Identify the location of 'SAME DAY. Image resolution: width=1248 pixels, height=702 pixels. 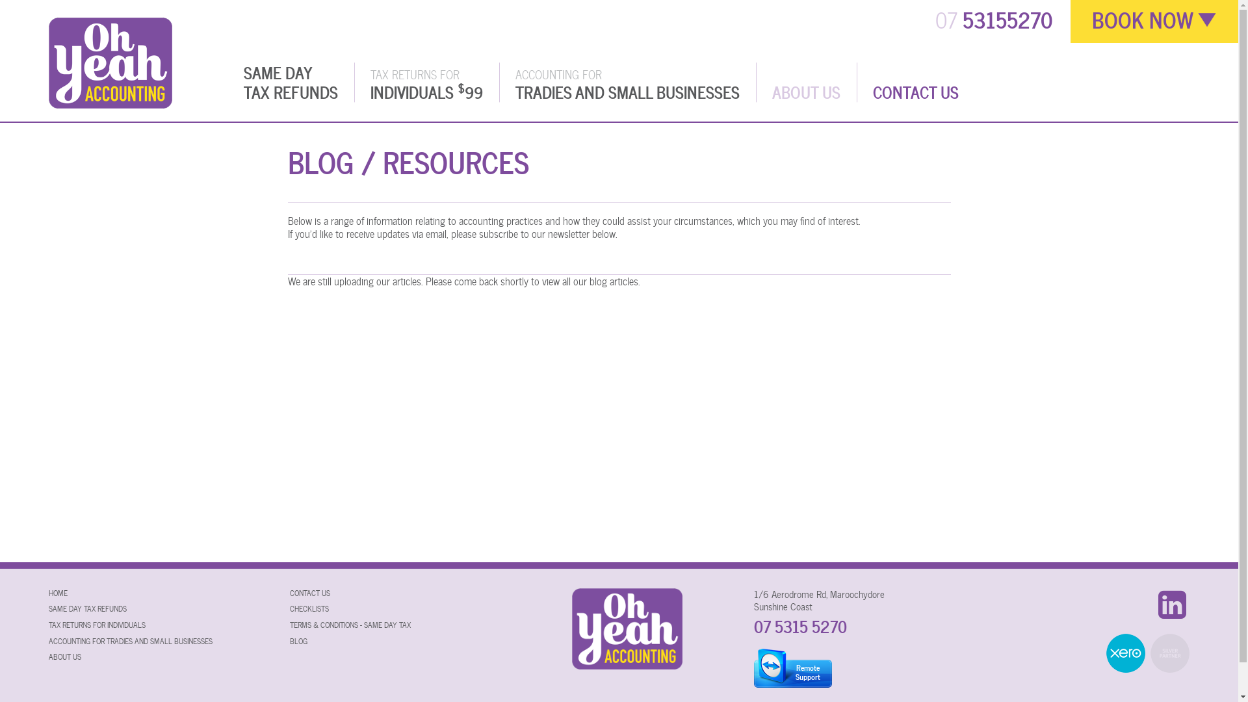
(290, 82).